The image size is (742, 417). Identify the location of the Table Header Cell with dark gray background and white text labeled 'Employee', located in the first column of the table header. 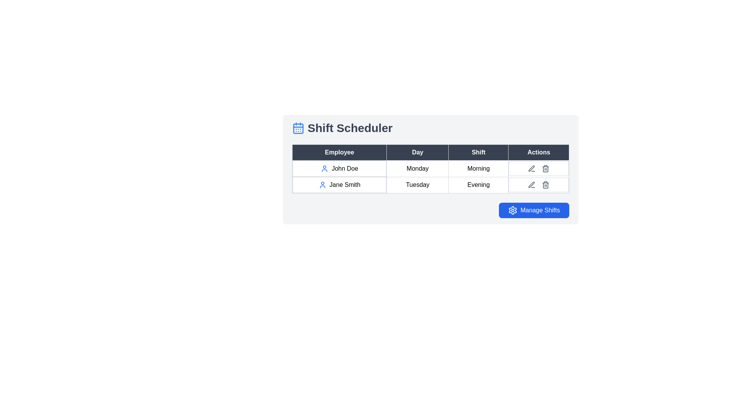
(339, 152).